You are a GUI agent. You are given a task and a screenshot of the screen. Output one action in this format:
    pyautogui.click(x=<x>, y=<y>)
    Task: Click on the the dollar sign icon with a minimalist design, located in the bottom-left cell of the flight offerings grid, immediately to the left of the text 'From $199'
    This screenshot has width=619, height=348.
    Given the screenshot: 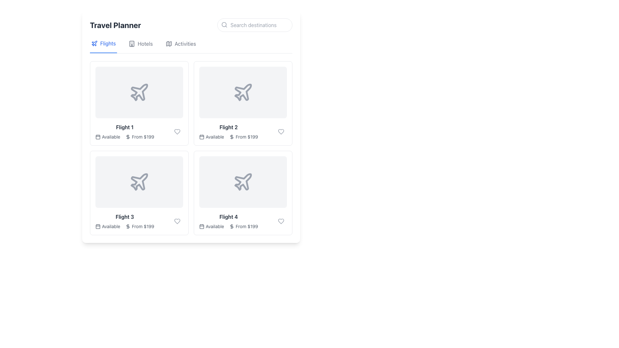 What is the action you would take?
    pyautogui.click(x=128, y=226)
    